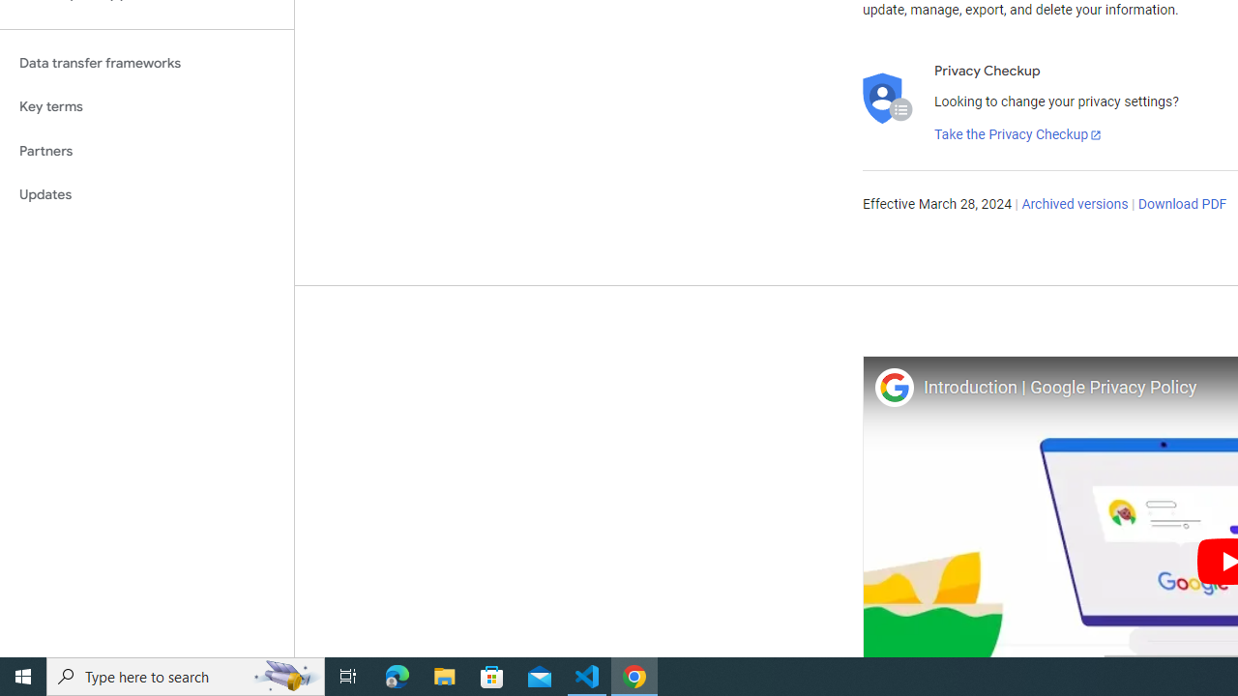  What do you see at coordinates (893, 387) in the screenshot?
I see `'Photo image of Google'` at bounding box center [893, 387].